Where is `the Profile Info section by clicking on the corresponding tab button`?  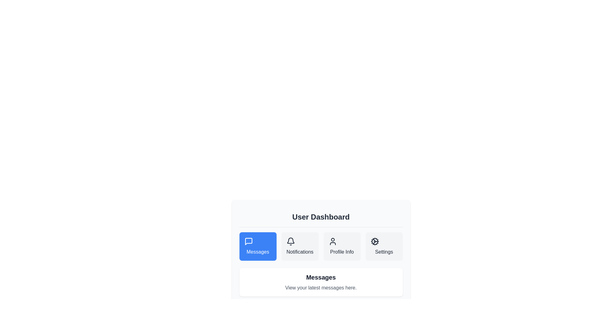
the Profile Info section by clicking on the corresponding tab button is located at coordinates (342, 246).